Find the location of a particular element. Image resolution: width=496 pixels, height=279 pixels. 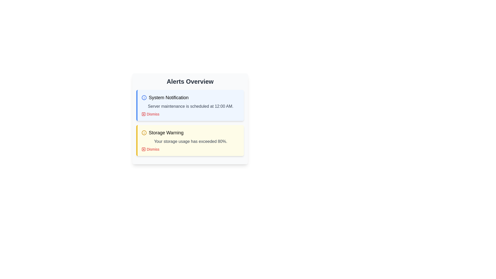

the alert icon indicating storage usage exceeding 80%, located to the left of the text in the yellow-highlighted storage warning notification is located at coordinates (144, 132).